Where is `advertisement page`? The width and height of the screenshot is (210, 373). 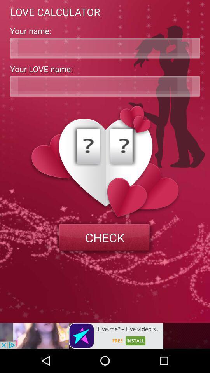 advertisement page is located at coordinates (81, 335).